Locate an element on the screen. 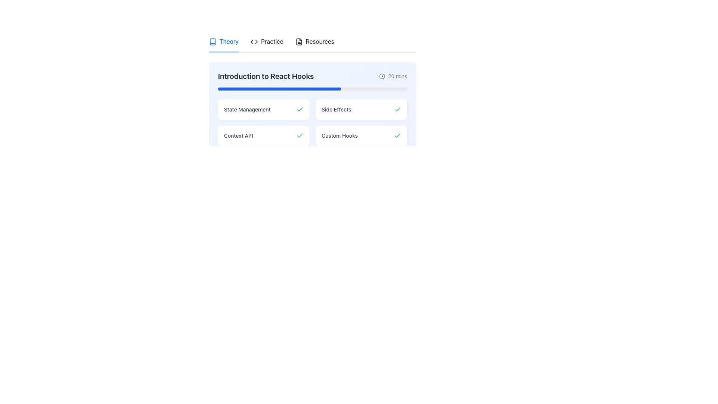 This screenshot has height=404, width=718. the circular boundary of the clock icon, which is located near the '20 mins' label on the right-hand side of the interface is located at coordinates (382, 76).